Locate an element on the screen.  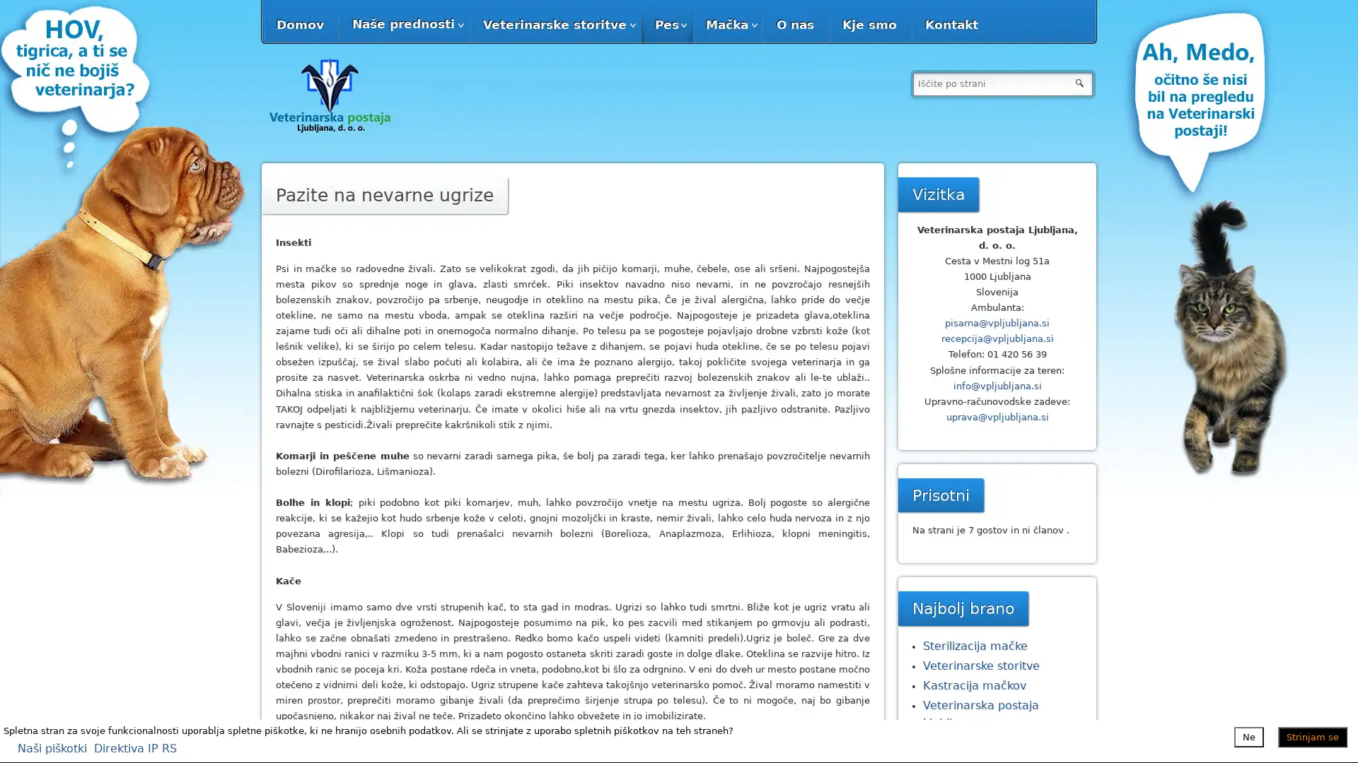
Strinjam se is located at coordinates (1312, 735).